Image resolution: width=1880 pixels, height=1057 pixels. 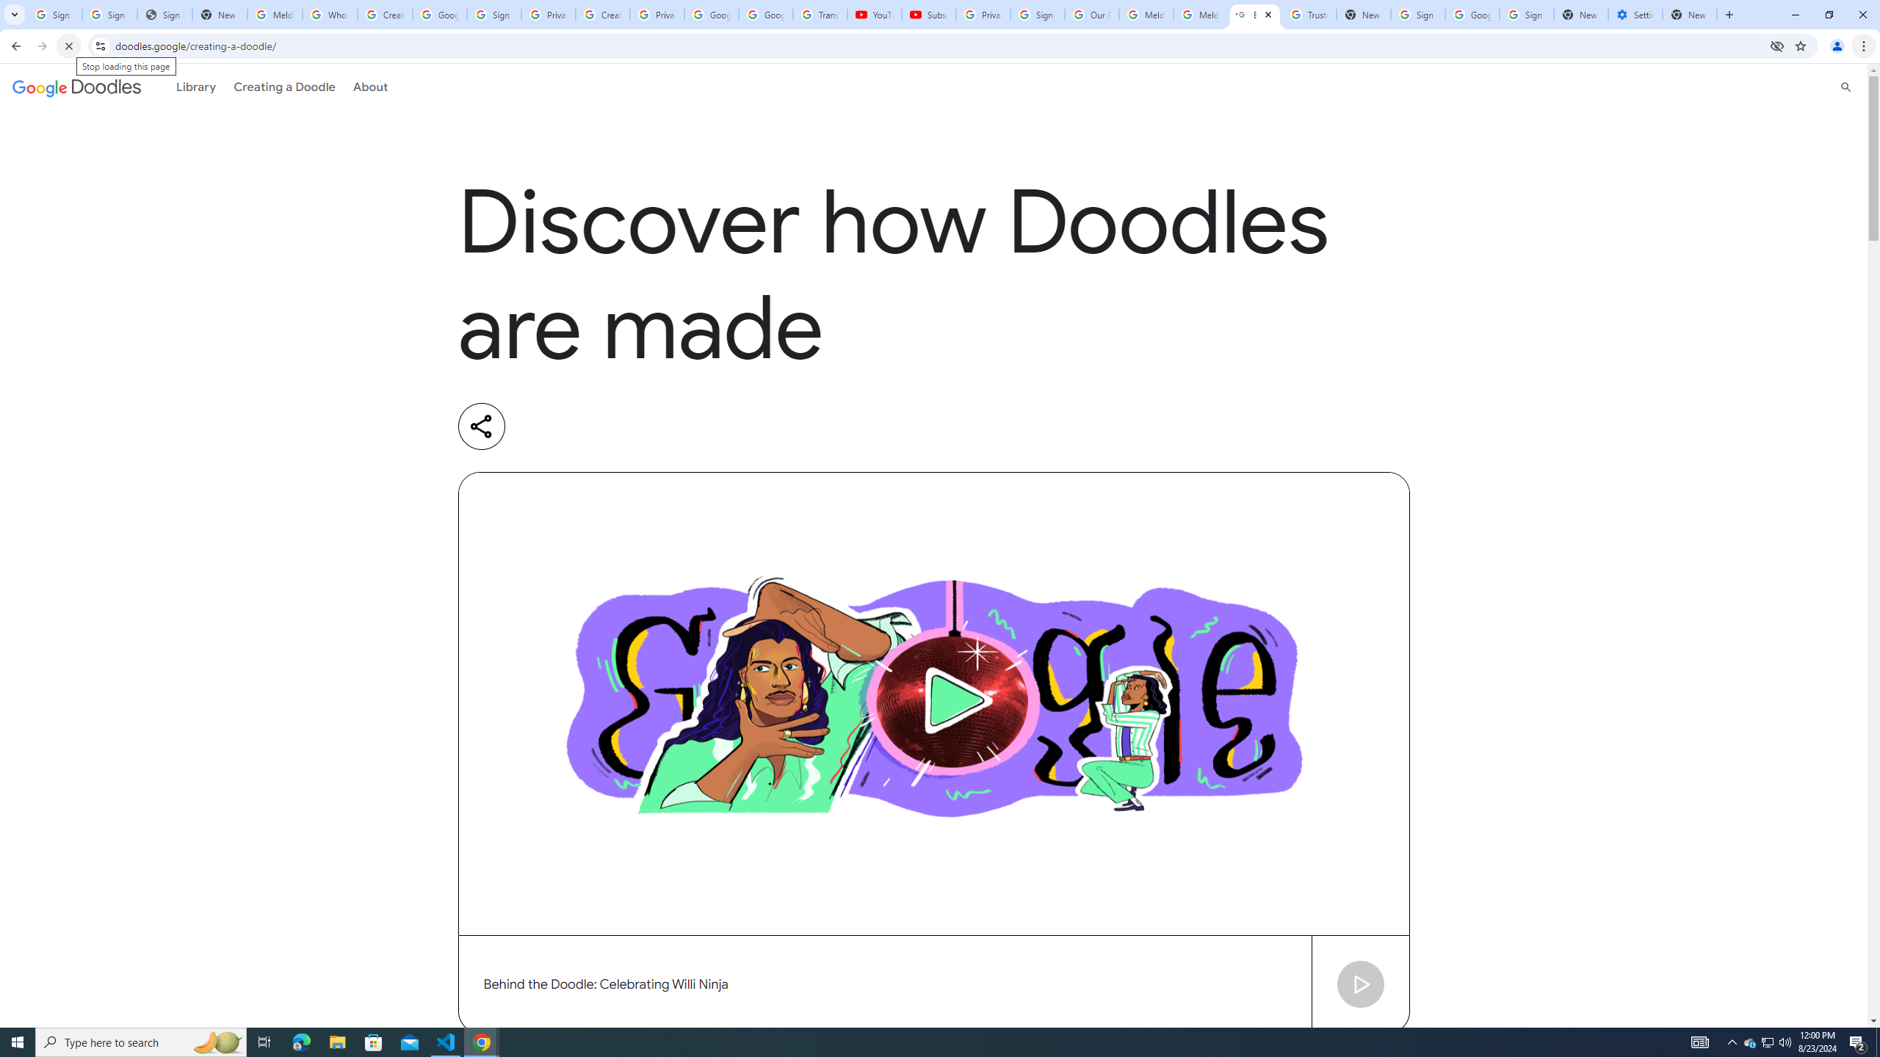 I want to click on 'YouTube', so click(x=874, y=14).